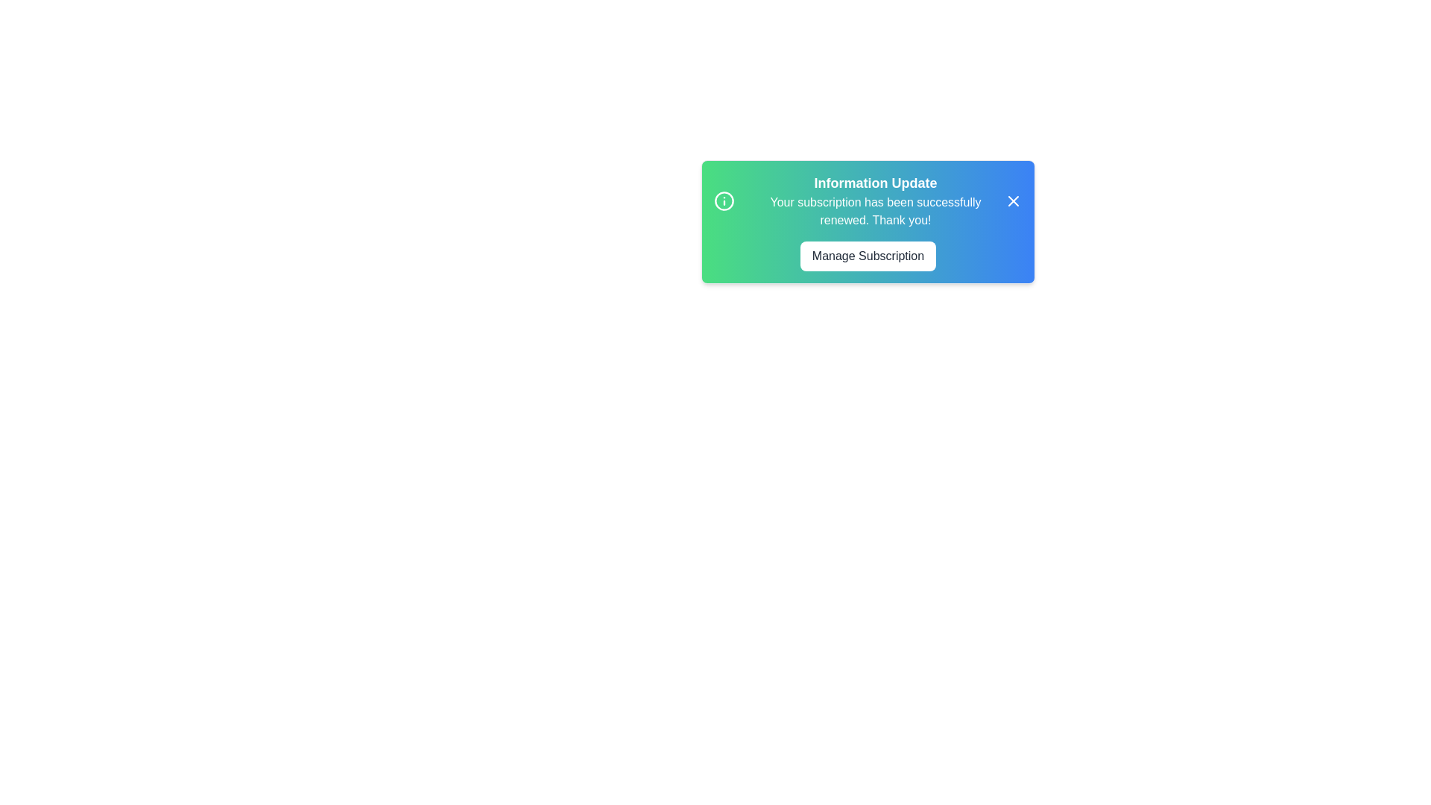 Image resolution: width=1431 pixels, height=805 pixels. What do you see at coordinates (868, 255) in the screenshot?
I see `the 'Manage Subscription' button to observe its hover effect` at bounding box center [868, 255].